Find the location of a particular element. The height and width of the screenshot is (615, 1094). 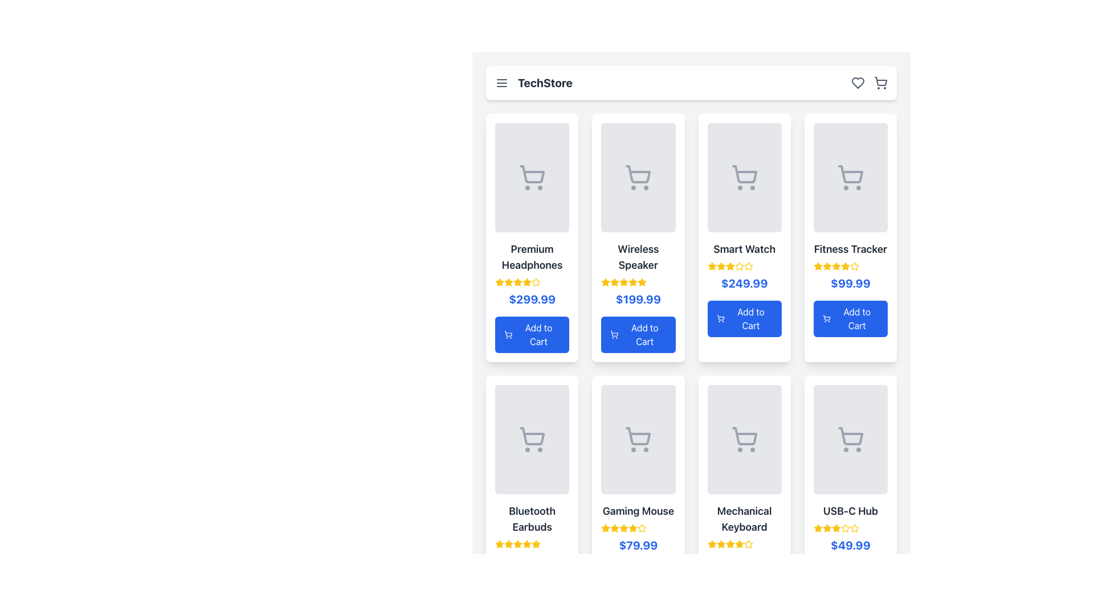

the third star icon representing a rating score for the 'Gaming Mouse' product, located in the second row of the product grid is located at coordinates (614, 528).